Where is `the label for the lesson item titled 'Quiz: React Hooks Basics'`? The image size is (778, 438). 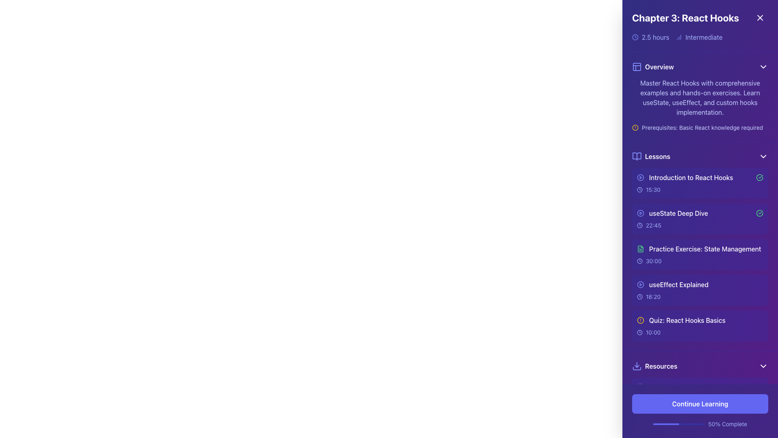
the label for the lesson item titled 'Quiz: React Hooks Basics' is located at coordinates (681, 320).